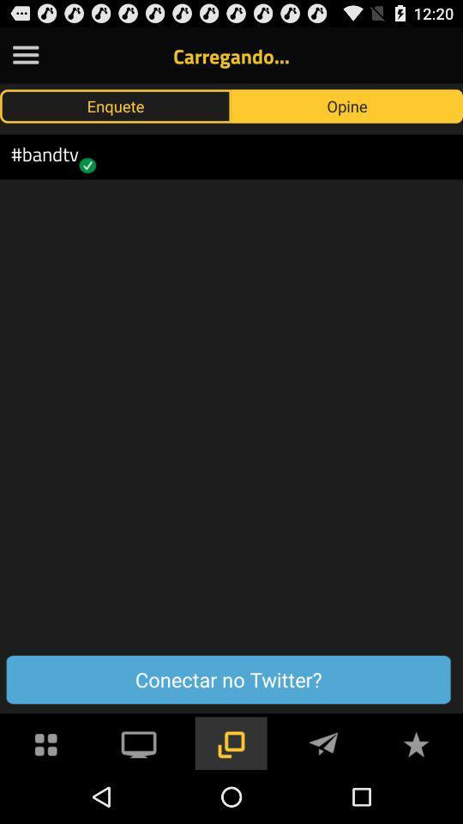 The height and width of the screenshot is (824, 463). I want to click on the button above the enquete item, so click(25, 55).